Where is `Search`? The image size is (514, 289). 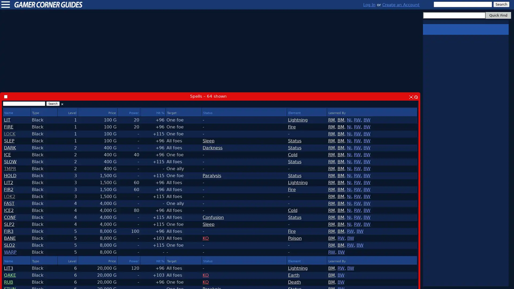 Search is located at coordinates (53, 104).